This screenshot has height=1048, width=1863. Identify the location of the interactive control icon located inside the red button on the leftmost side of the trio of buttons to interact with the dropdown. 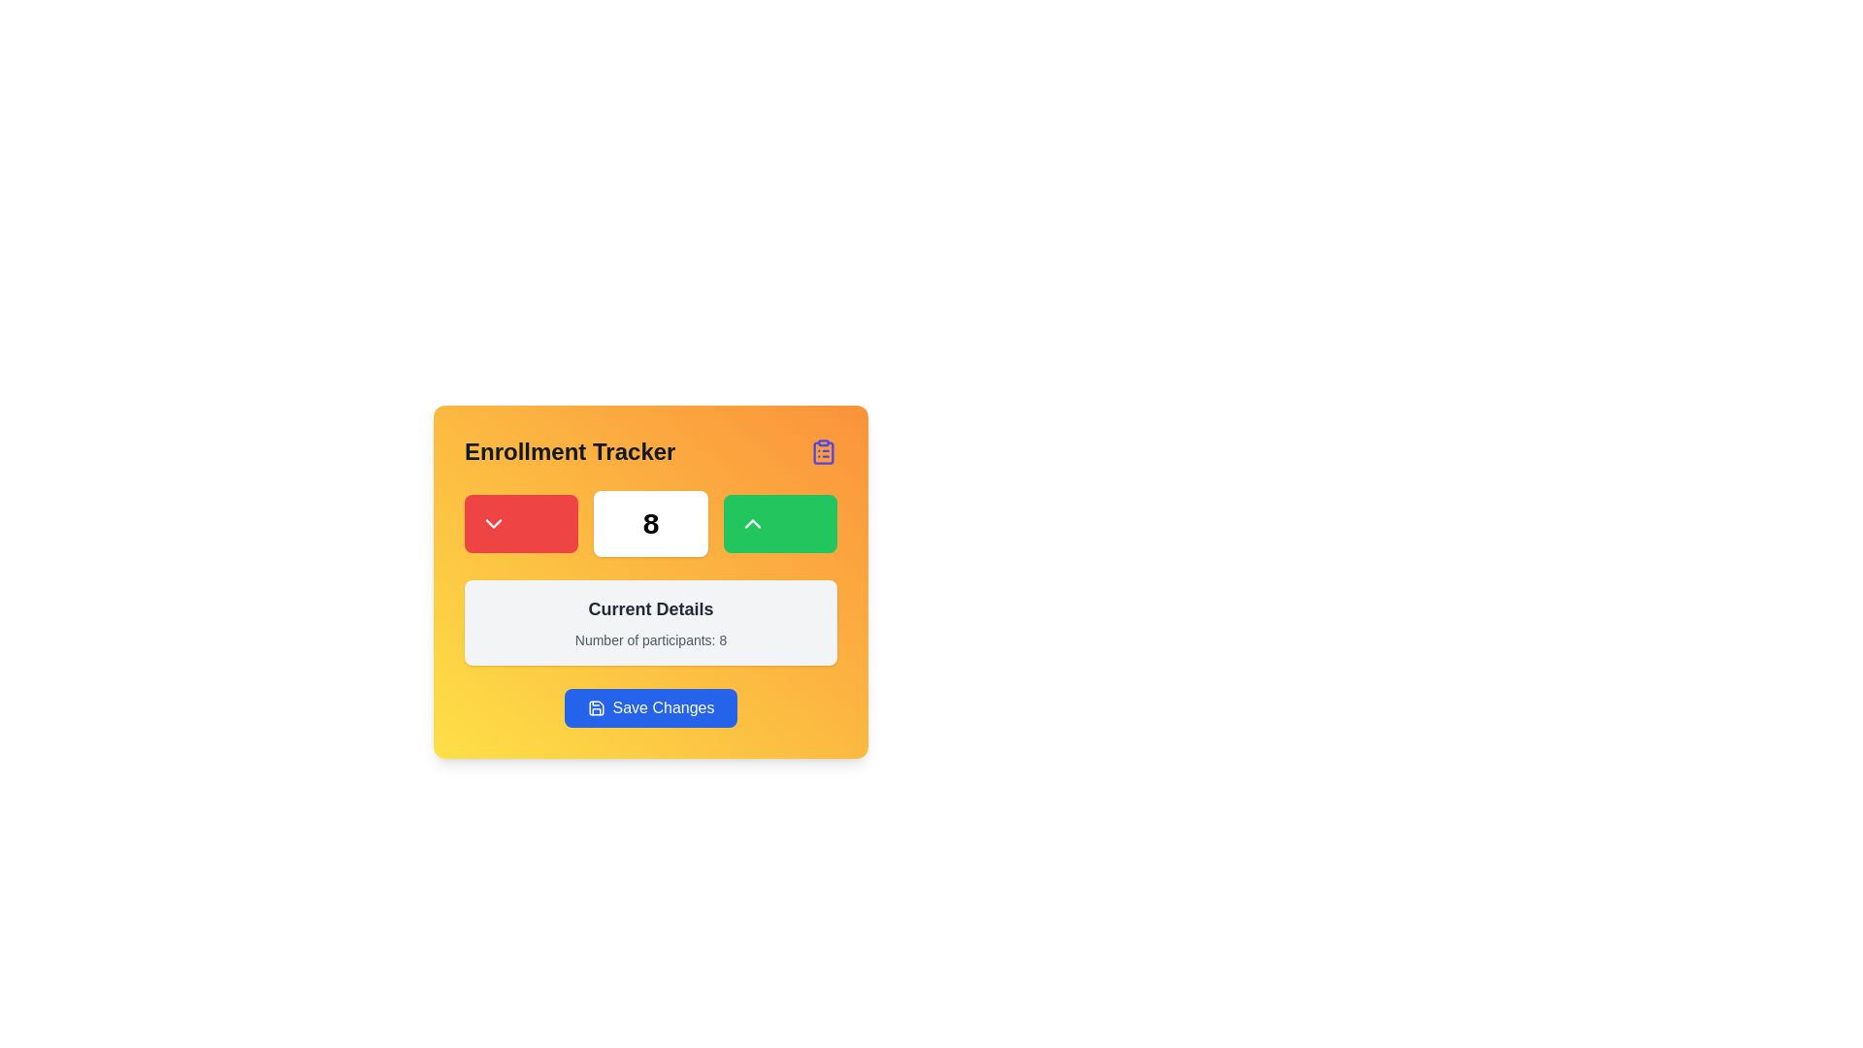
(493, 524).